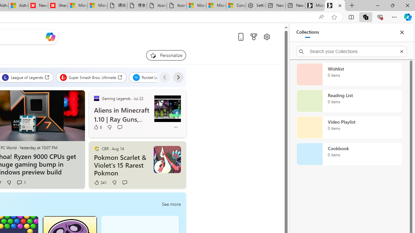 The height and width of the screenshot is (233, 415). What do you see at coordinates (19, 182) in the screenshot?
I see `'View comments 1 Comment'` at bounding box center [19, 182].